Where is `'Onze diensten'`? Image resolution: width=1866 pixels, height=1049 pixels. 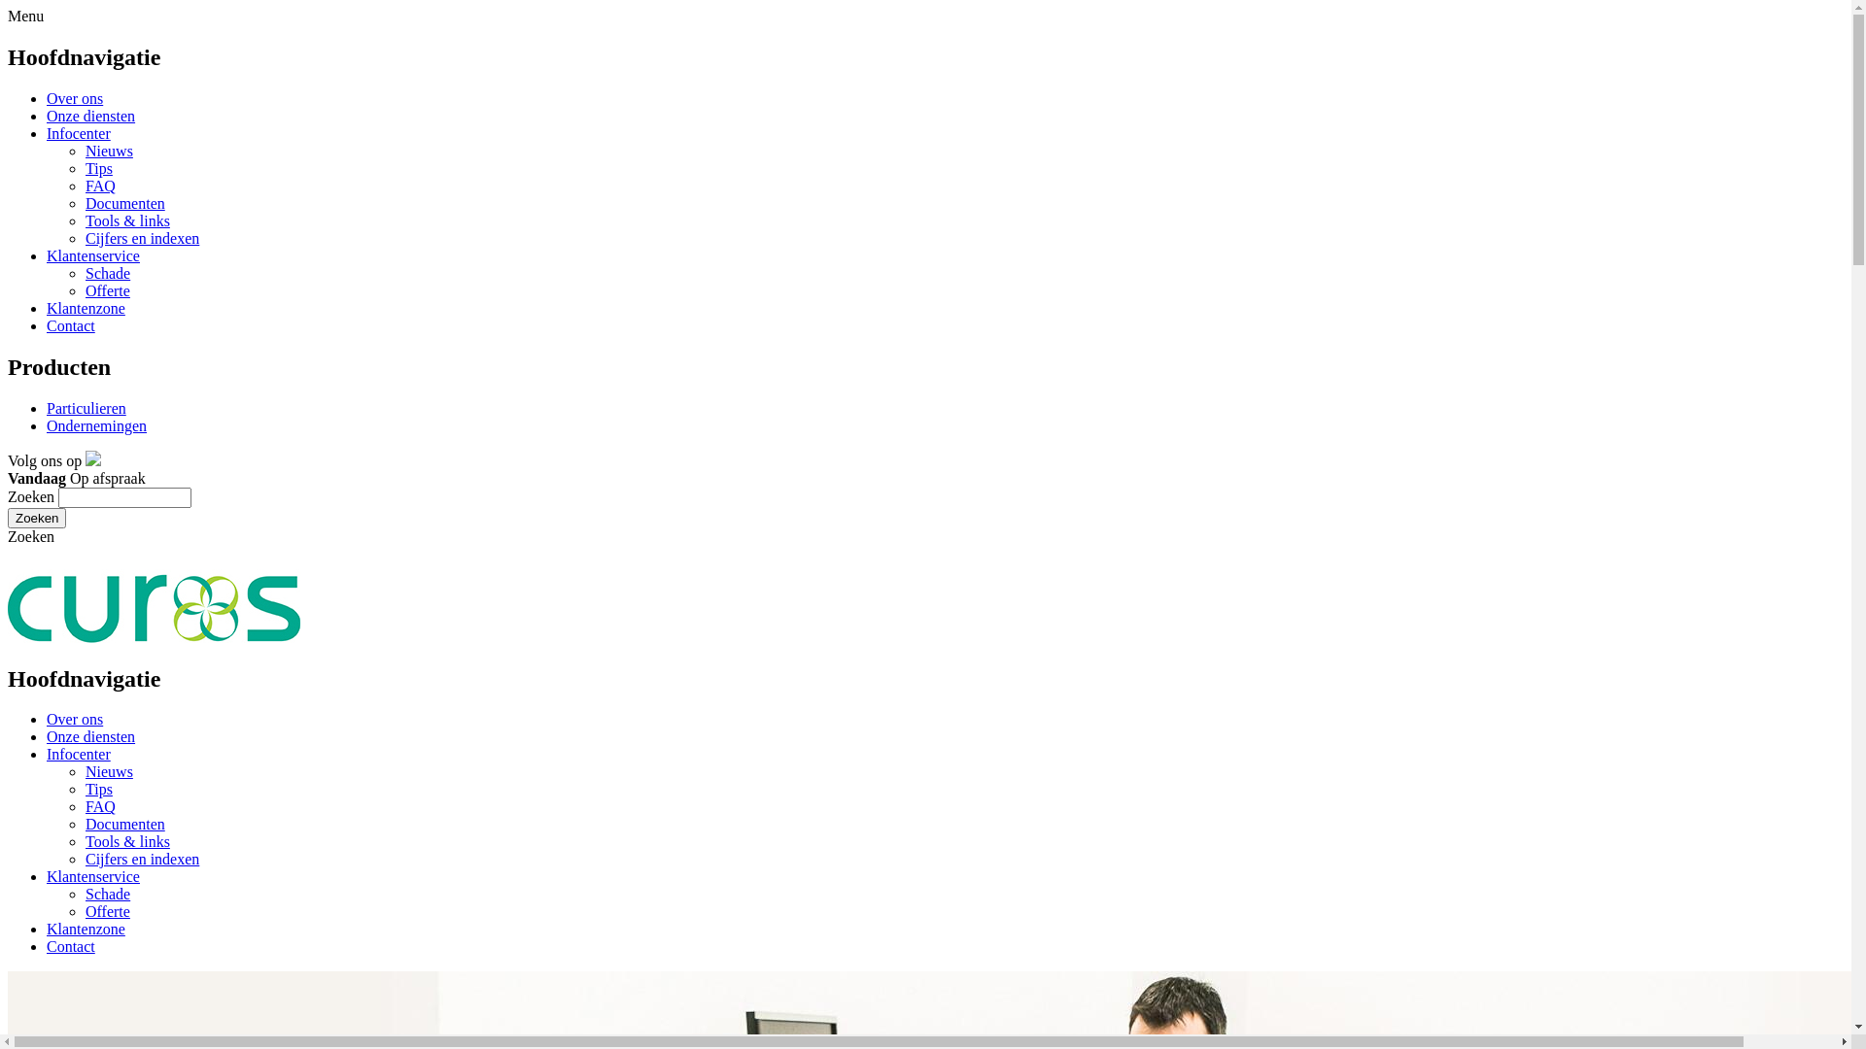 'Onze diensten' is located at coordinates (89, 736).